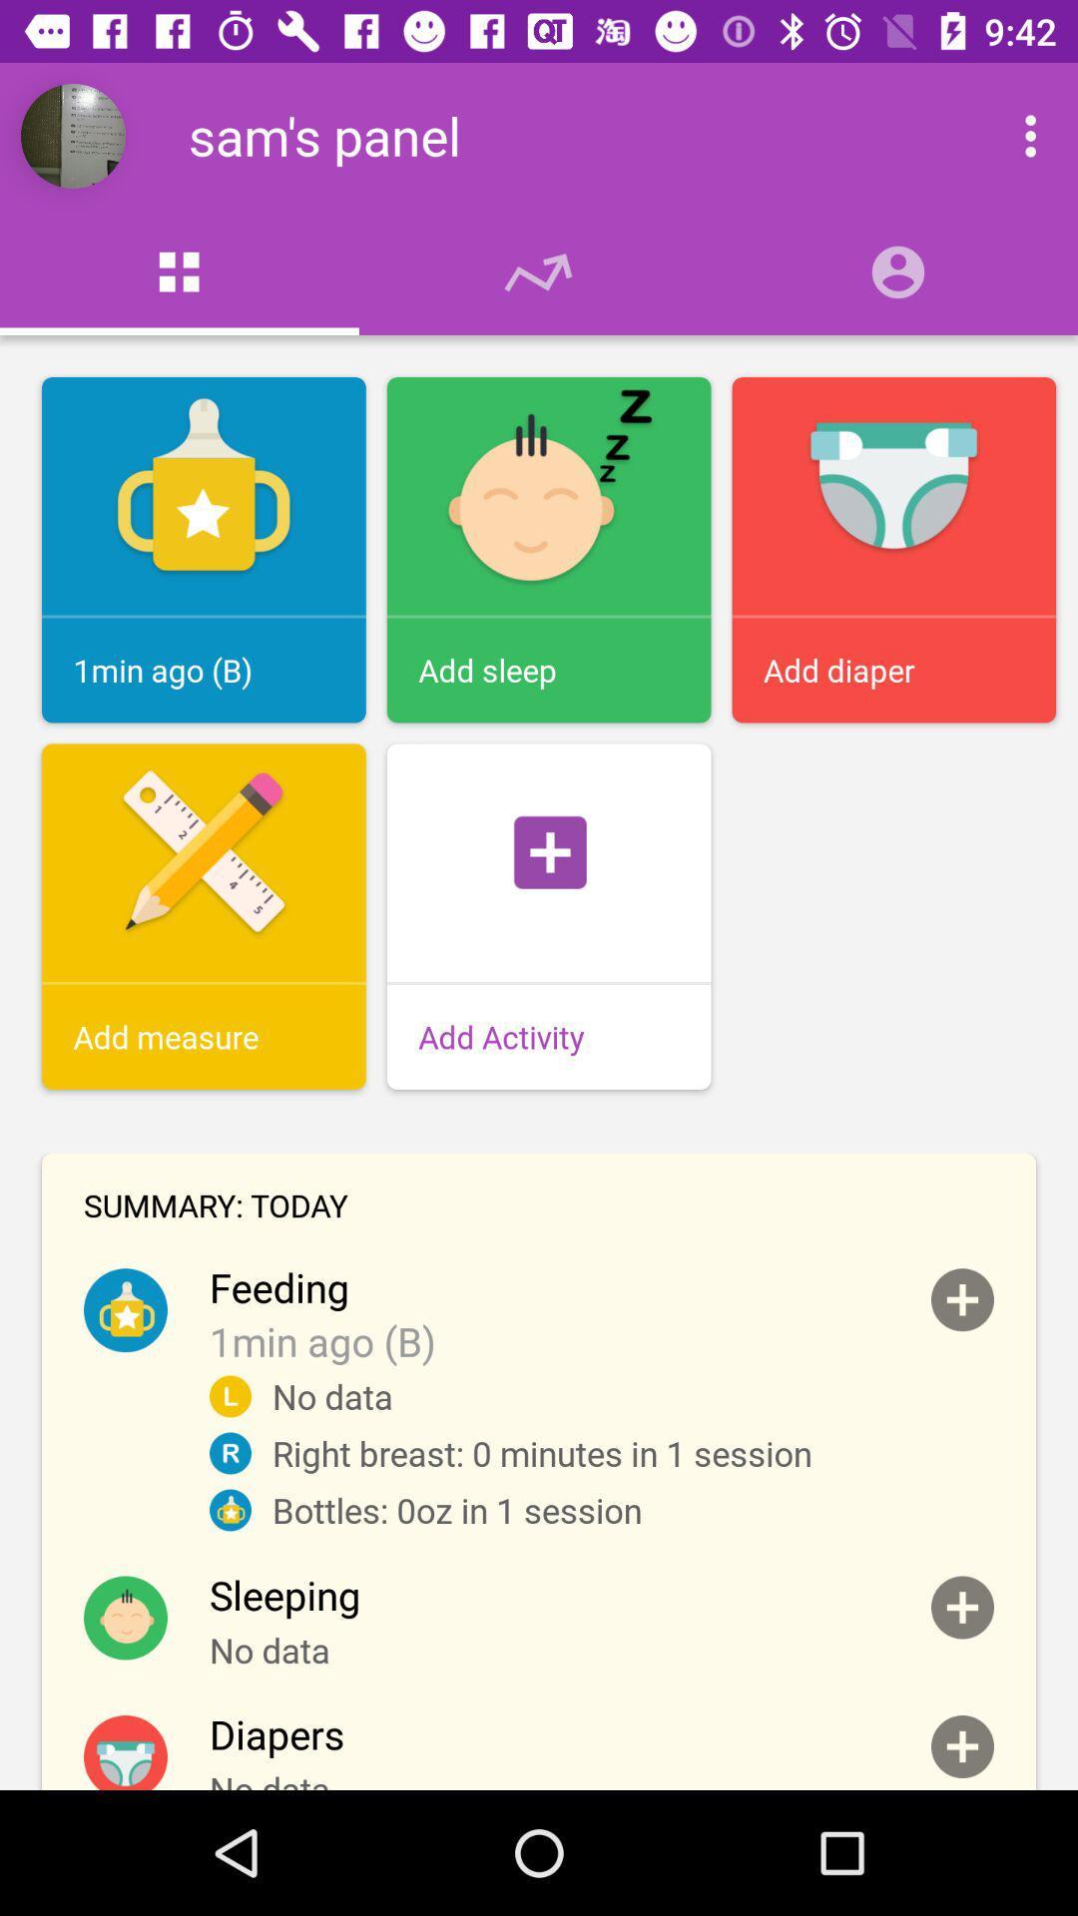 The image size is (1078, 1916). I want to click on the more icon, so click(1009, 135).